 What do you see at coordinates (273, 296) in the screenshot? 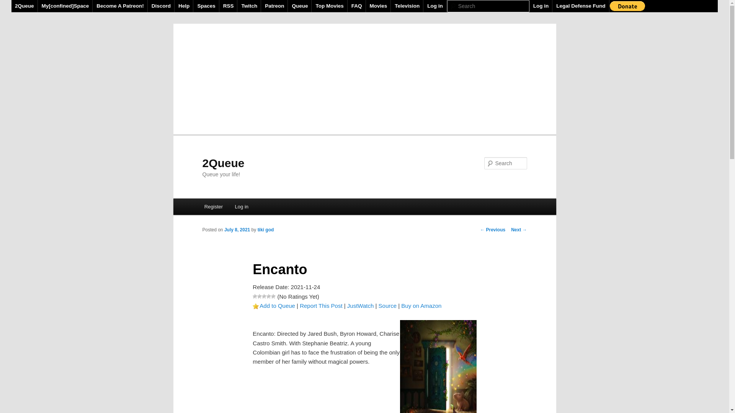
I see `'5 Stars'` at bounding box center [273, 296].